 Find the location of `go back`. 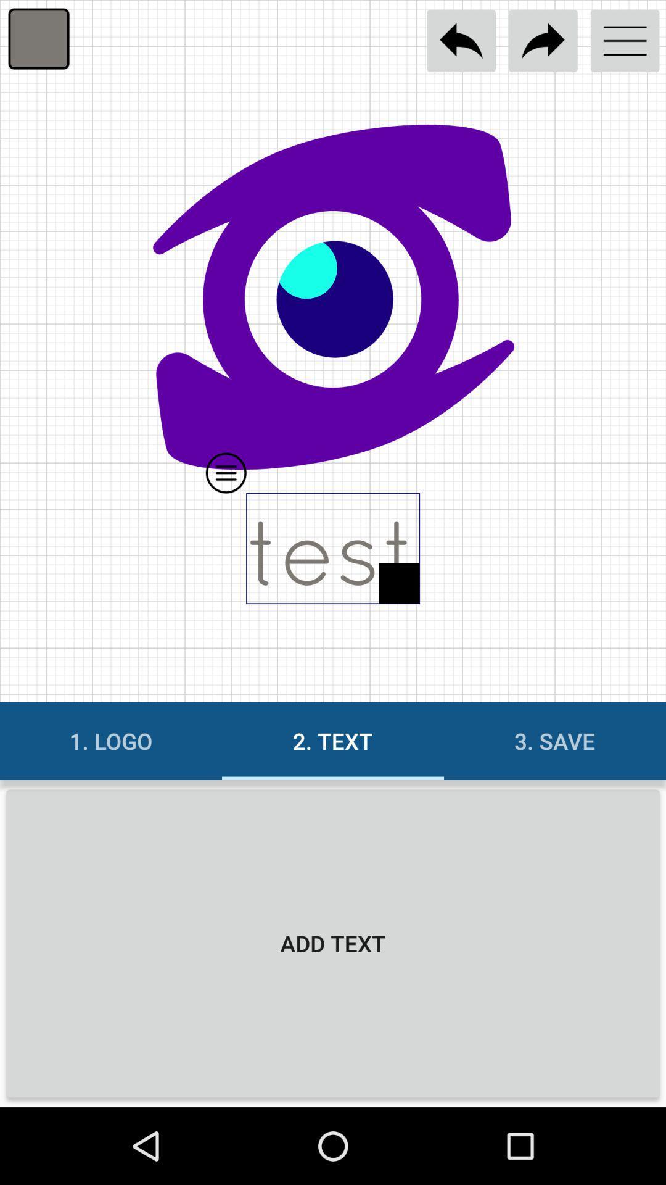

go back is located at coordinates (461, 41).